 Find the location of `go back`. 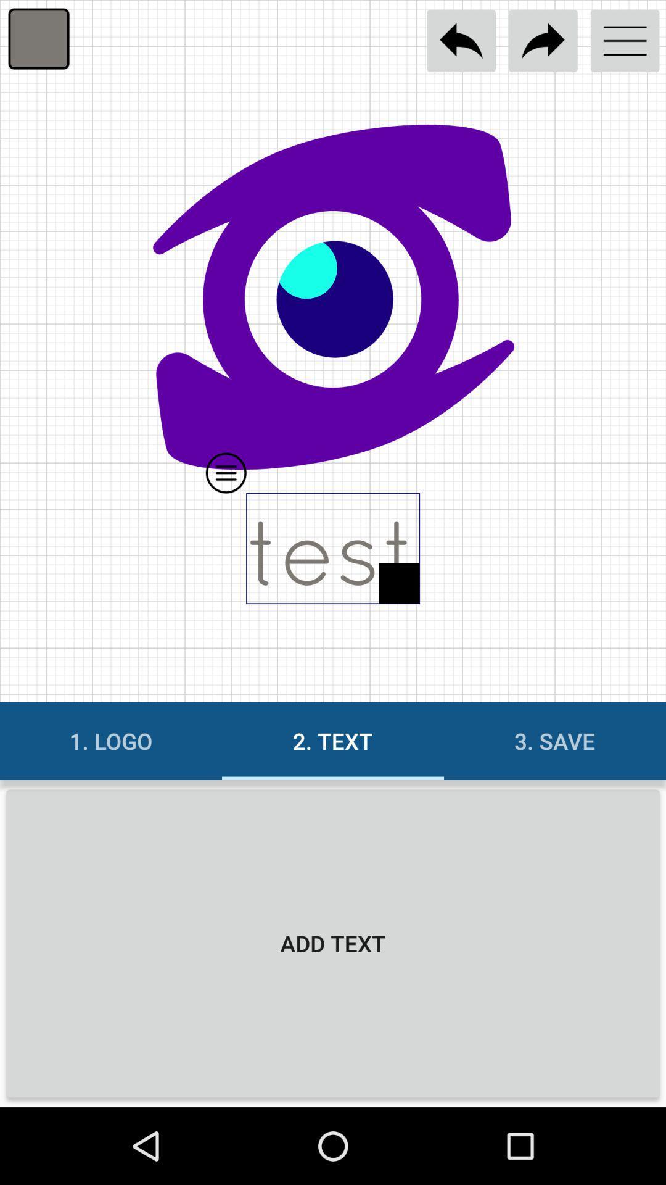

go back is located at coordinates (461, 41).